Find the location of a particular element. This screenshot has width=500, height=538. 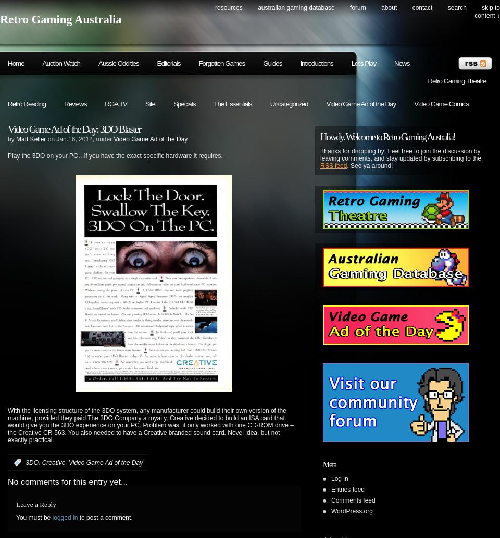

'With the licensing structure of the 3DO system, any manufacturer could build their own version of the machine, provided they paid The 3DO Company a royalty. Creative decided to build an ISA card that would give you the 3DO experience on your PC. Problem was, it only worked with one CD-ROM drive – the Creative CR-563. You also needed to have a Creative branded sound card. Novel idea, but not exactly practical.' is located at coordinates (149, 425).